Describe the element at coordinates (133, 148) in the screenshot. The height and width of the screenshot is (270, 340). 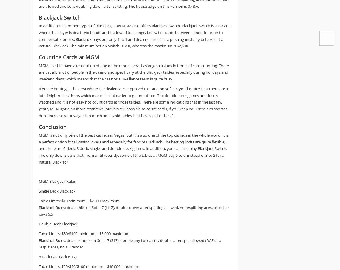
I see `'MGM is not only one of the best casinos in Vegas, but it is also one of the top casinos in the whole world. It is a perfect option for all casino lovers and especially for fans of Blackjack. The betting limits are quire flexible, and there are 6-deck, 8-deck, single- and double-deck games. In addition, you can also play Blackjack Switch. The only downside is that, from until recently, some of the tables at MGM pay 5 to 6, instead of 3 to 2 for a natural Blackjack.'` at that location.